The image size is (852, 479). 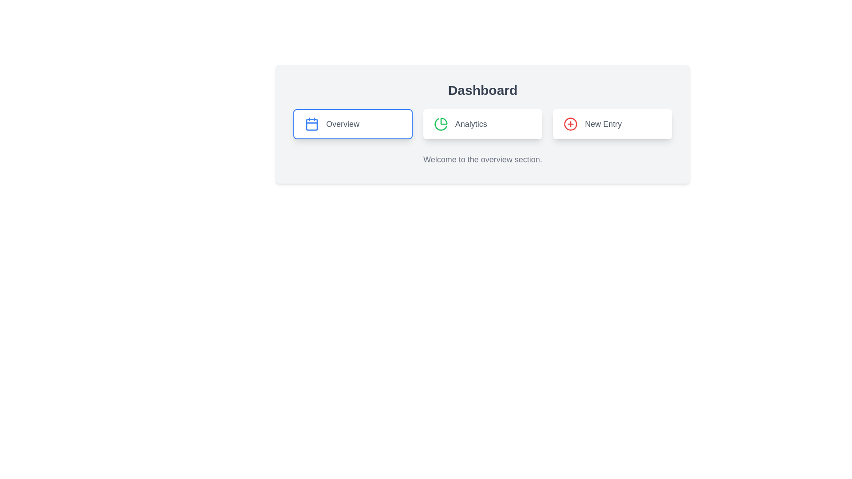 What do you see at coordinates (444, 121) in the screenshot?
I see `the right-hand side segment of the pie chart icon in the 'Analytics' button, which is styled in green` at bounding box center [444, 121].